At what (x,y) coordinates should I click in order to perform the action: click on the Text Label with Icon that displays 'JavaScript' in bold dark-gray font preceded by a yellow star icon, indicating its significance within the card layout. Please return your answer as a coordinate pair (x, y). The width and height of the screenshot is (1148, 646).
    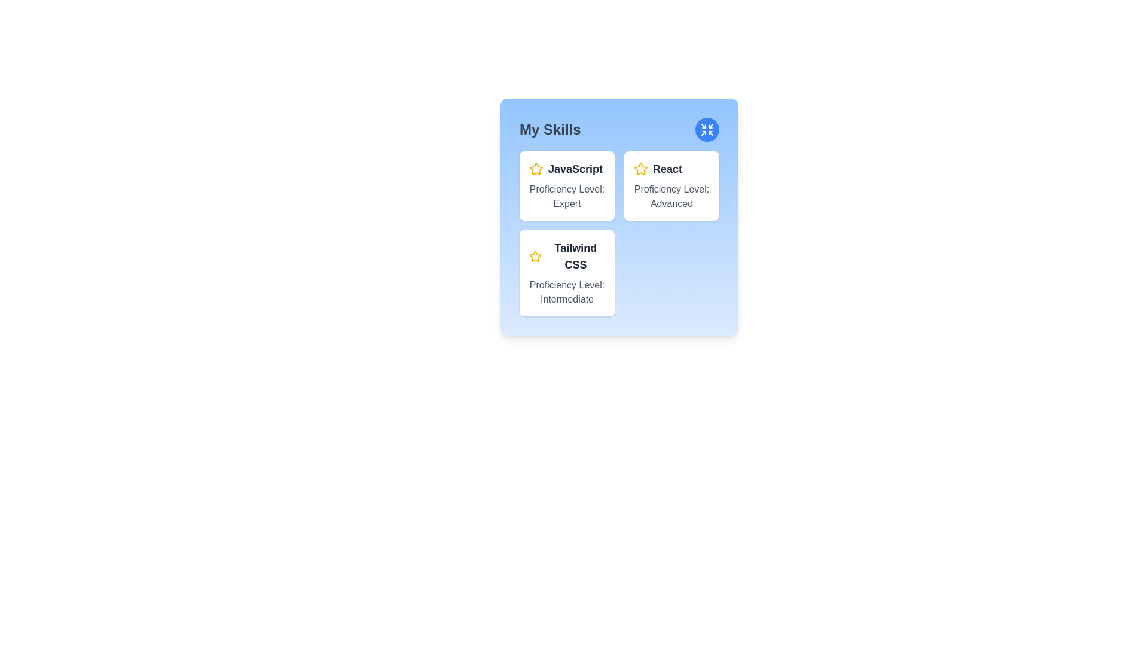
    Looking at the image, I should click on (566, 169).